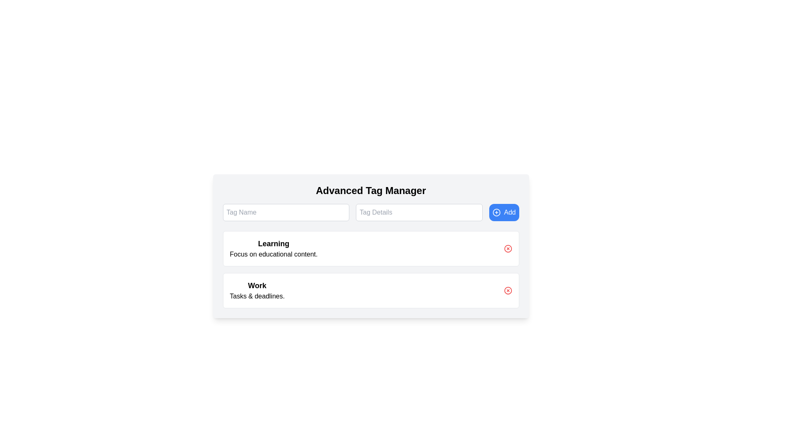 The height and width of the screenshot is (444, 790). Describe the element at coordinates (496, 212) in the screenshot. I see `the 'Add' button, which is represented by a circular SVG graphic element located in the top-right region of the user interface's main input section for 'Tag Name' and 'Tag Details'` at that location.